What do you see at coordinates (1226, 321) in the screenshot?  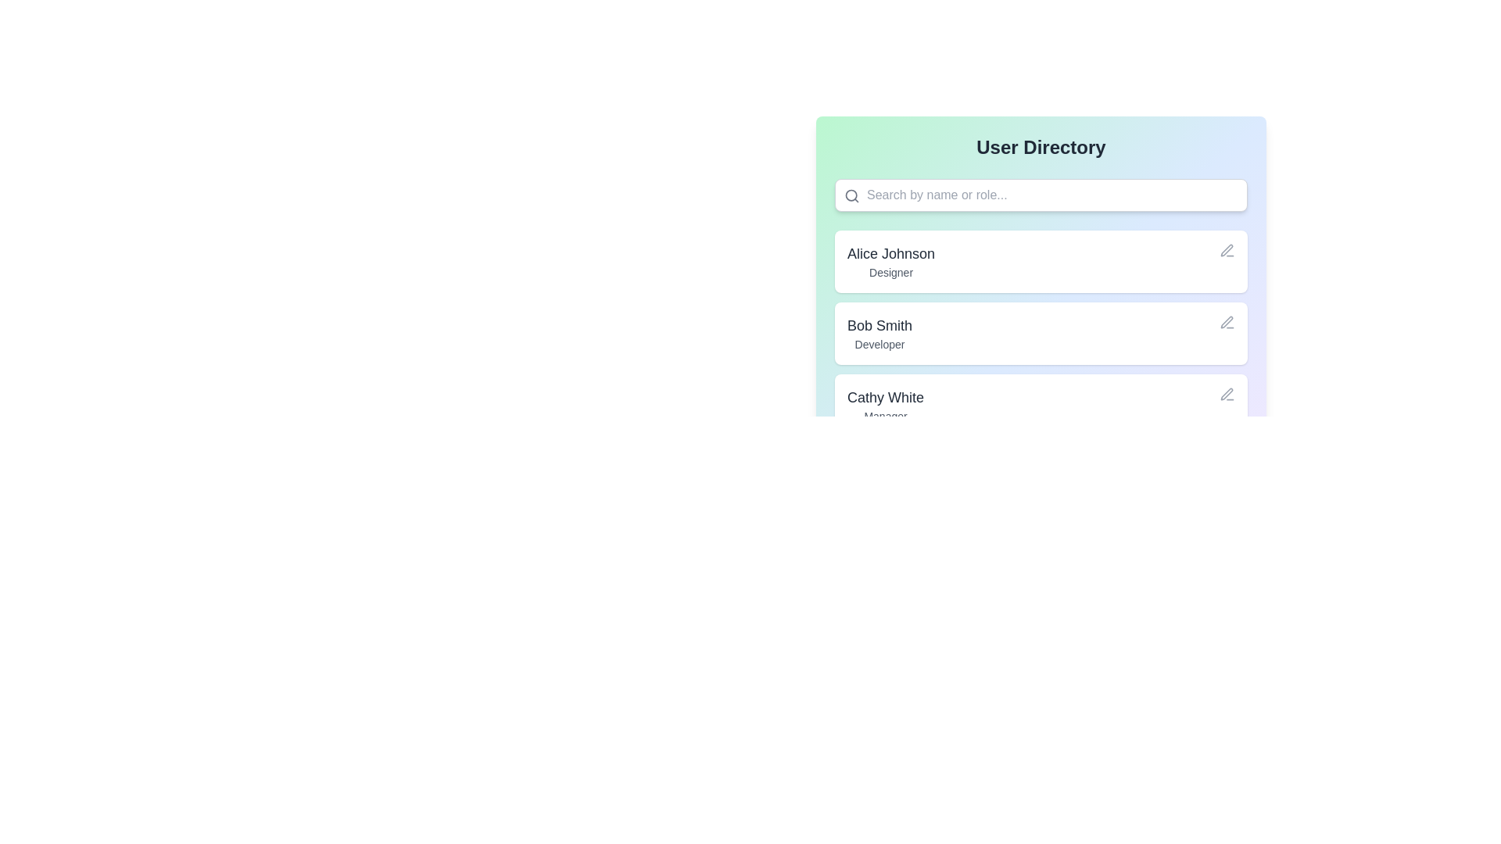 I see `the small gray pen icon located at the right end of the 'Bob Smith, Developer' profile box to perceive feedback` at bounding box center [1226, 321].